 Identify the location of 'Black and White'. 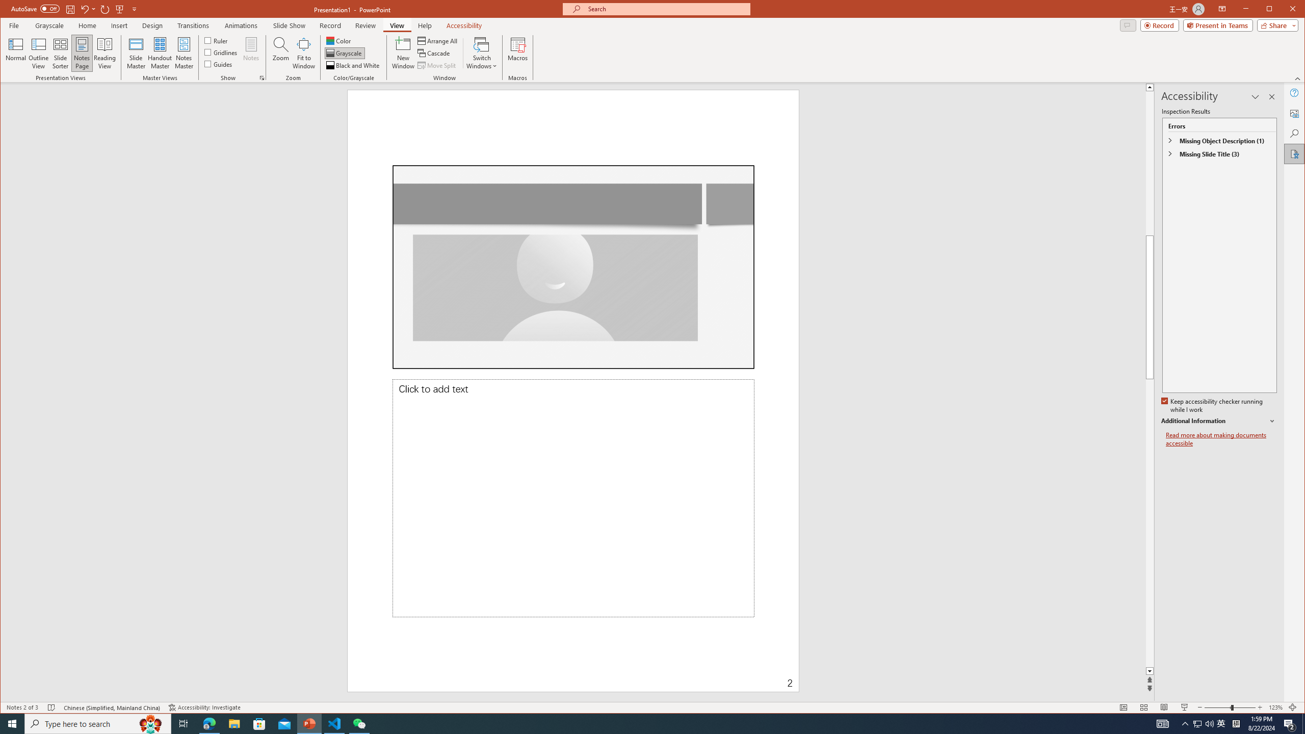
(353, 65).